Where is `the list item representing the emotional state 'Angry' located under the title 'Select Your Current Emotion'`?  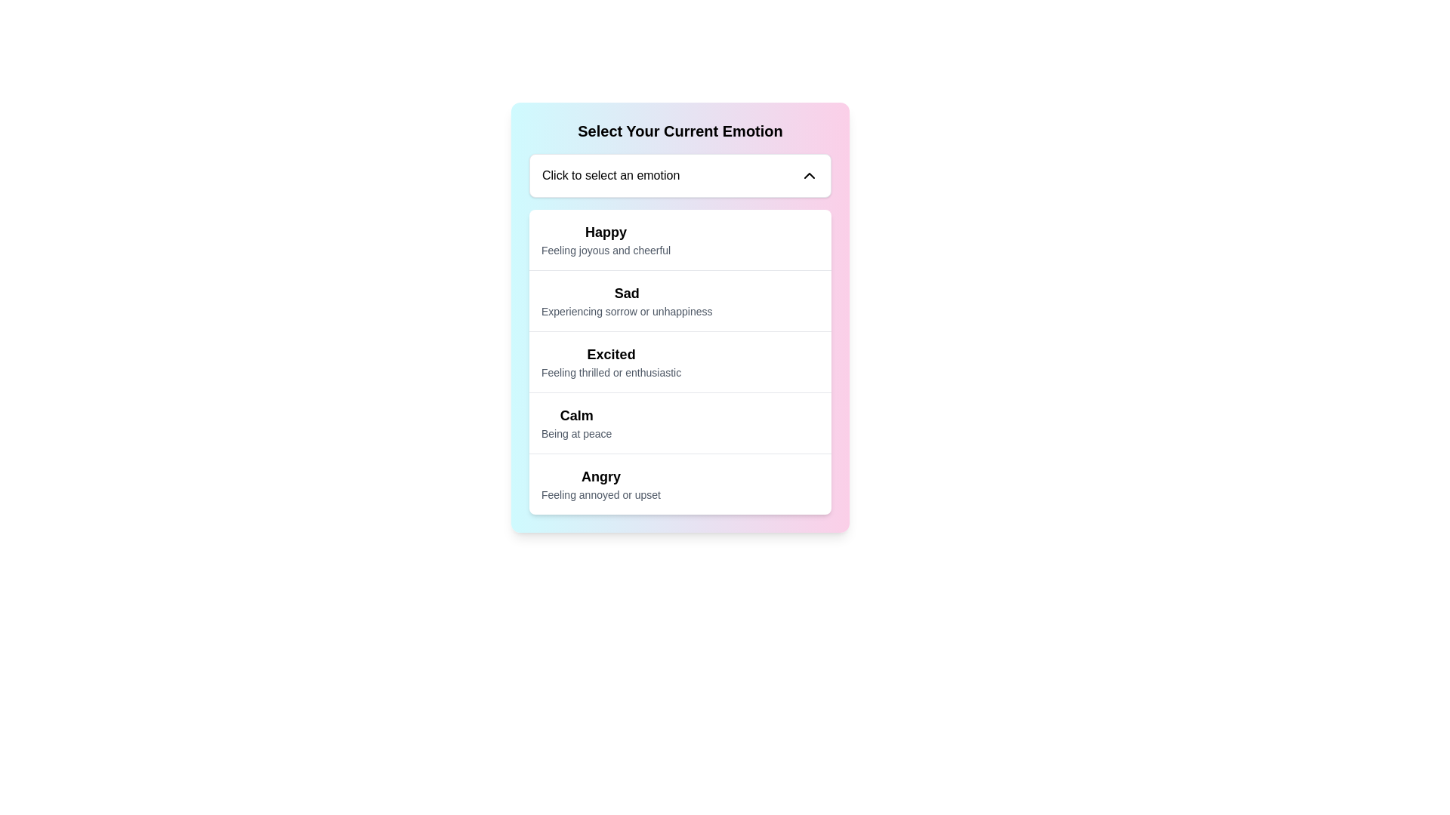
the list item representing the emotional state 'Angry' located under the title 'Select Your Current Emotion' is located at coordinates (680, 484).